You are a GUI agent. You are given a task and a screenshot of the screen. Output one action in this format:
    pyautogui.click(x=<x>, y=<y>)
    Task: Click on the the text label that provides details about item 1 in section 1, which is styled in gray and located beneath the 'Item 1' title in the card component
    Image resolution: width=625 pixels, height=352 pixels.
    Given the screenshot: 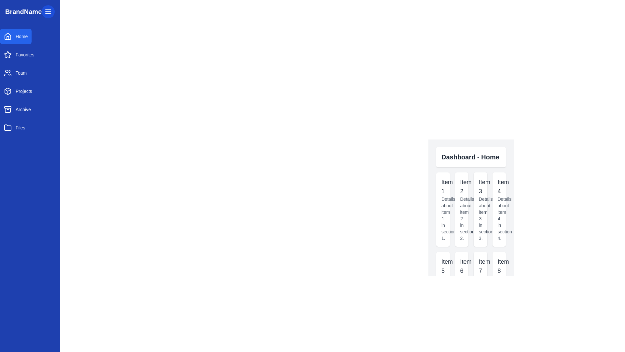 What is the action you would take?
    pyautogui.click(x=443, y=219)
    